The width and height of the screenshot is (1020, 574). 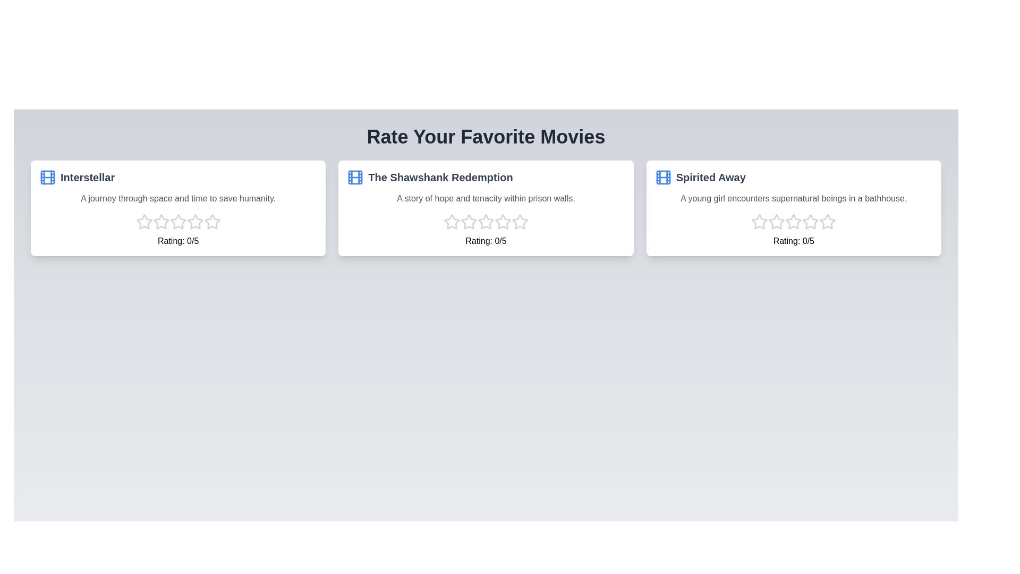 What do you see at coordinates (143, 221) in the screenshot?
I see `the star corresponding to the 1 rating for the movie Interstellar` at bounding box center [143, 221].